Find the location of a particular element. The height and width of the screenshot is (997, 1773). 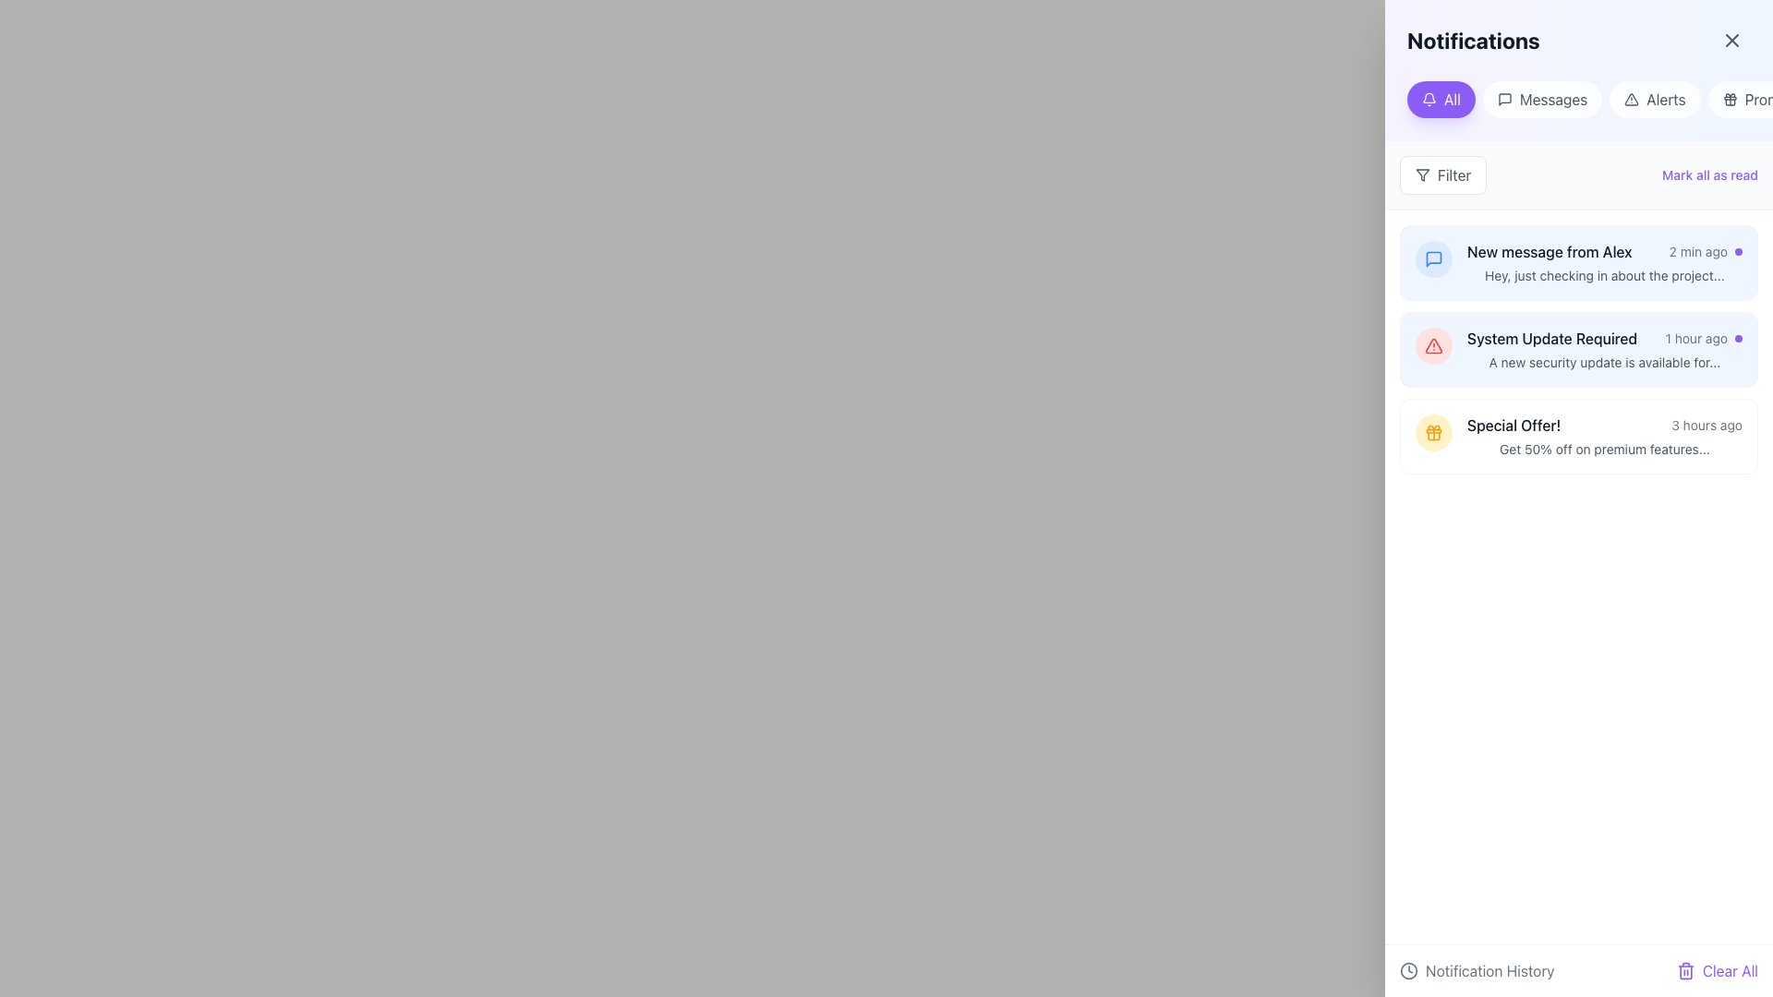

the 'Filter' button, which features a light background, subtle border, a filter funnel icon, and is located to the left of the 'Mark all as read' link in the notification panel is located at coordinates (1442, 174).